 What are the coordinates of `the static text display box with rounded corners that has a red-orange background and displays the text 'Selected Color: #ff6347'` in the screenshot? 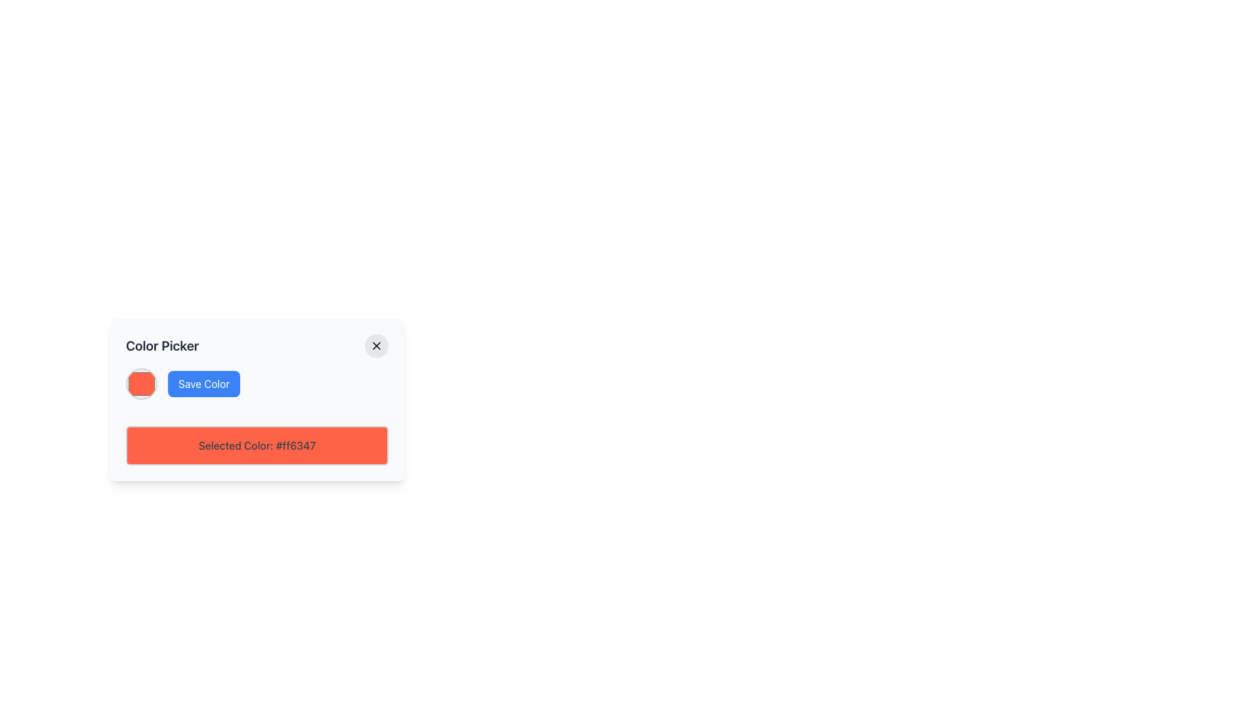 It's located at (257, 444).